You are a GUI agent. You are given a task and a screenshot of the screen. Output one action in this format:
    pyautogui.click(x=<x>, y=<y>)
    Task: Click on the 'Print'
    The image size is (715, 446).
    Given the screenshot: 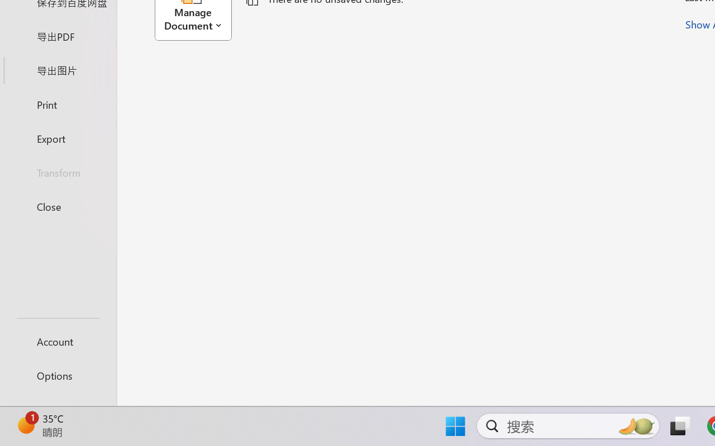 What is the action you would take?
    pyautogui.click(x=58, y=104)
    